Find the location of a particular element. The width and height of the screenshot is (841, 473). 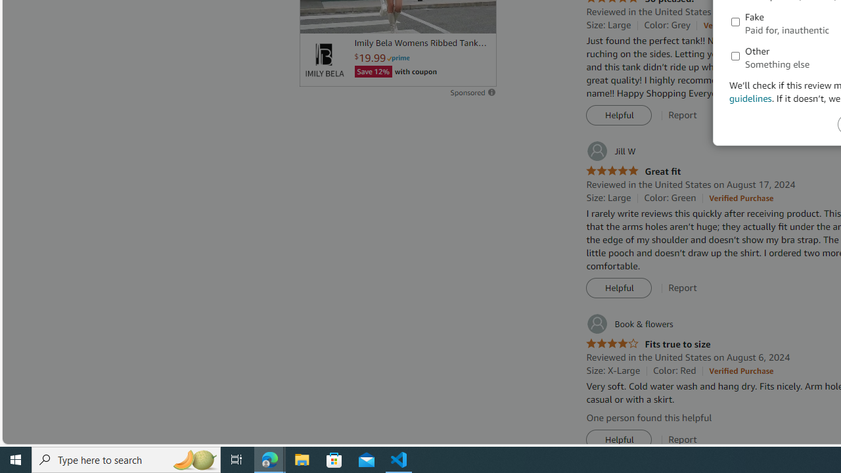

'4.0 out of 5 stars Fits true to size' is located at coordinates (648, 344).